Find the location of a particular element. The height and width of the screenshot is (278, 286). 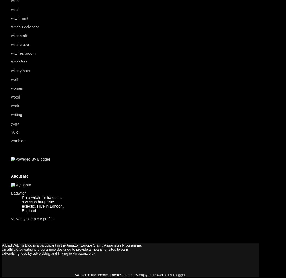

'zombies' is located at coordinates (10, 141).